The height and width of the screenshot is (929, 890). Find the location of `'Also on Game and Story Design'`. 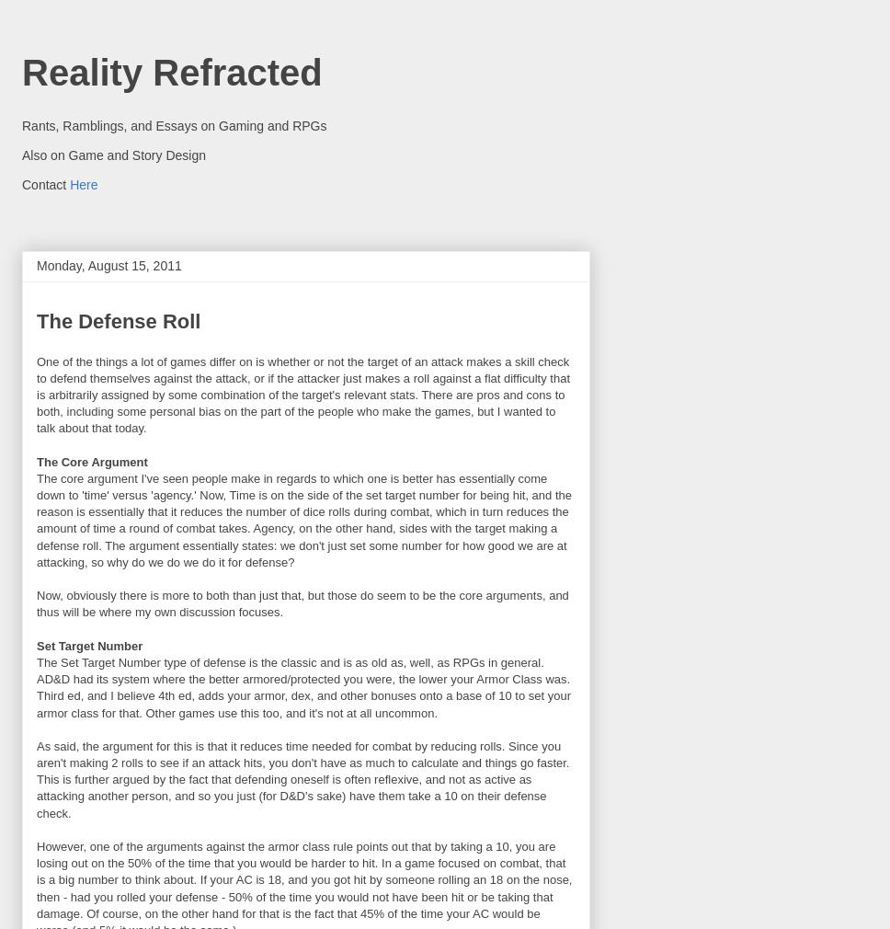

'Also on Game and Story Design' is located at coordinates (22, 153).